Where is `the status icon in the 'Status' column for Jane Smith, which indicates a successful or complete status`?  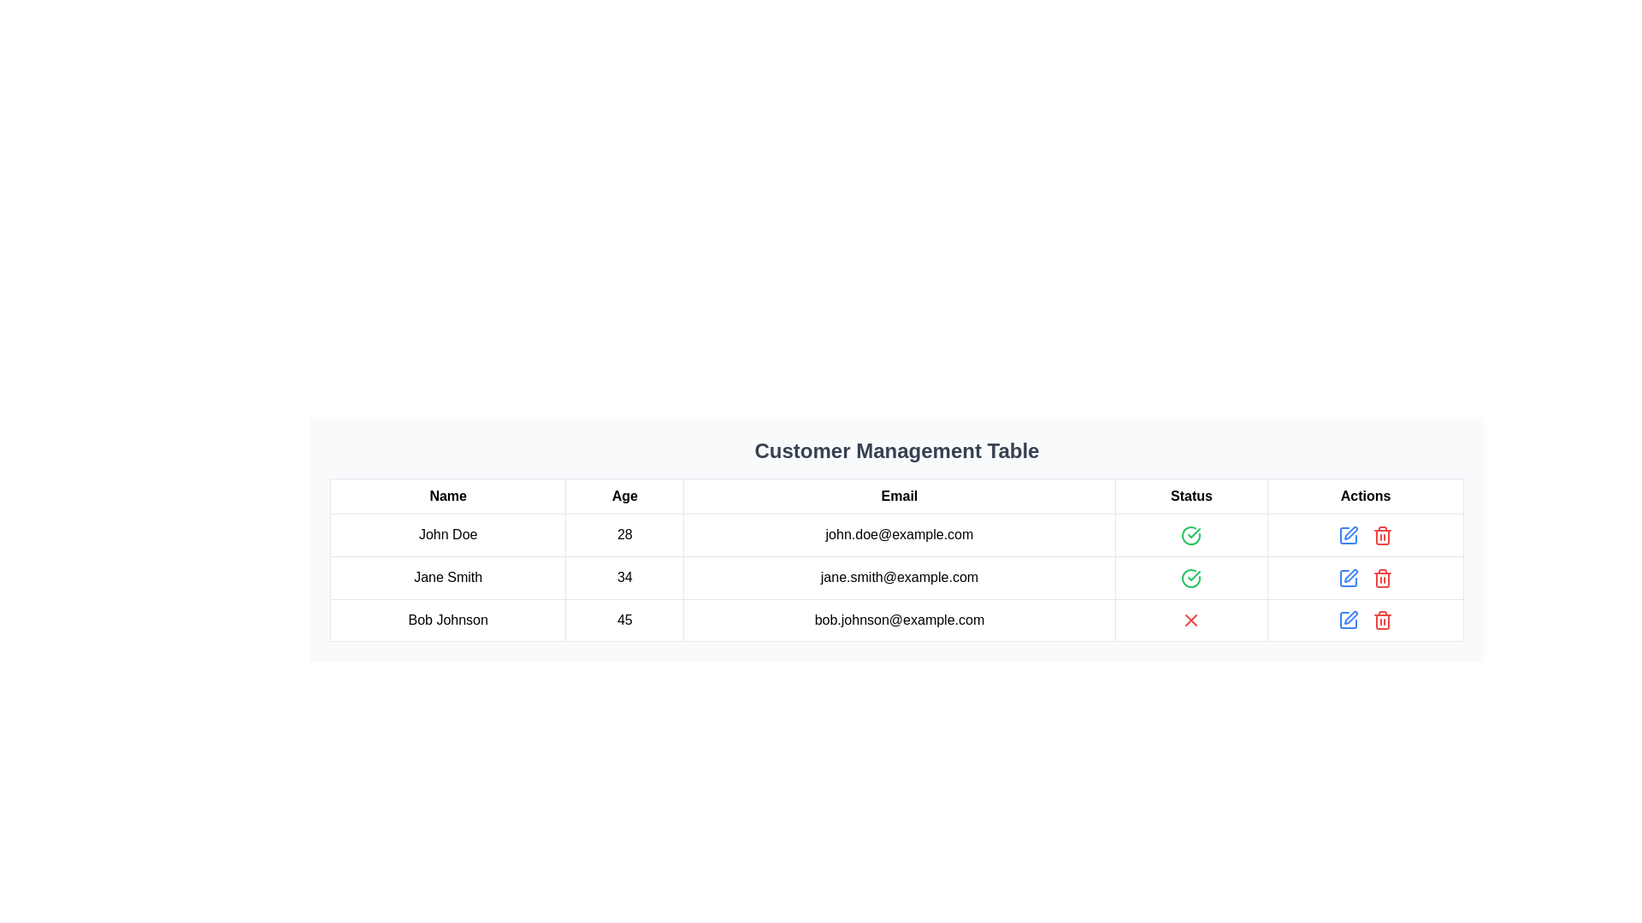 the status icon in the 'Status' column for Jane Smith, which indicates a successful or complete status is located at coordinates (1190, 577).